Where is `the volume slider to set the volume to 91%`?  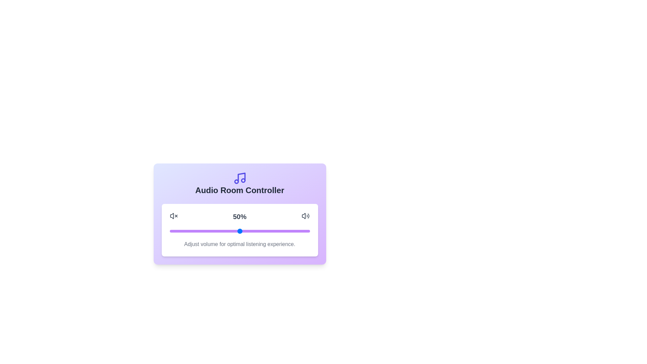
the volume slider to set the volume to 91% is located at coordinates (297, 231).